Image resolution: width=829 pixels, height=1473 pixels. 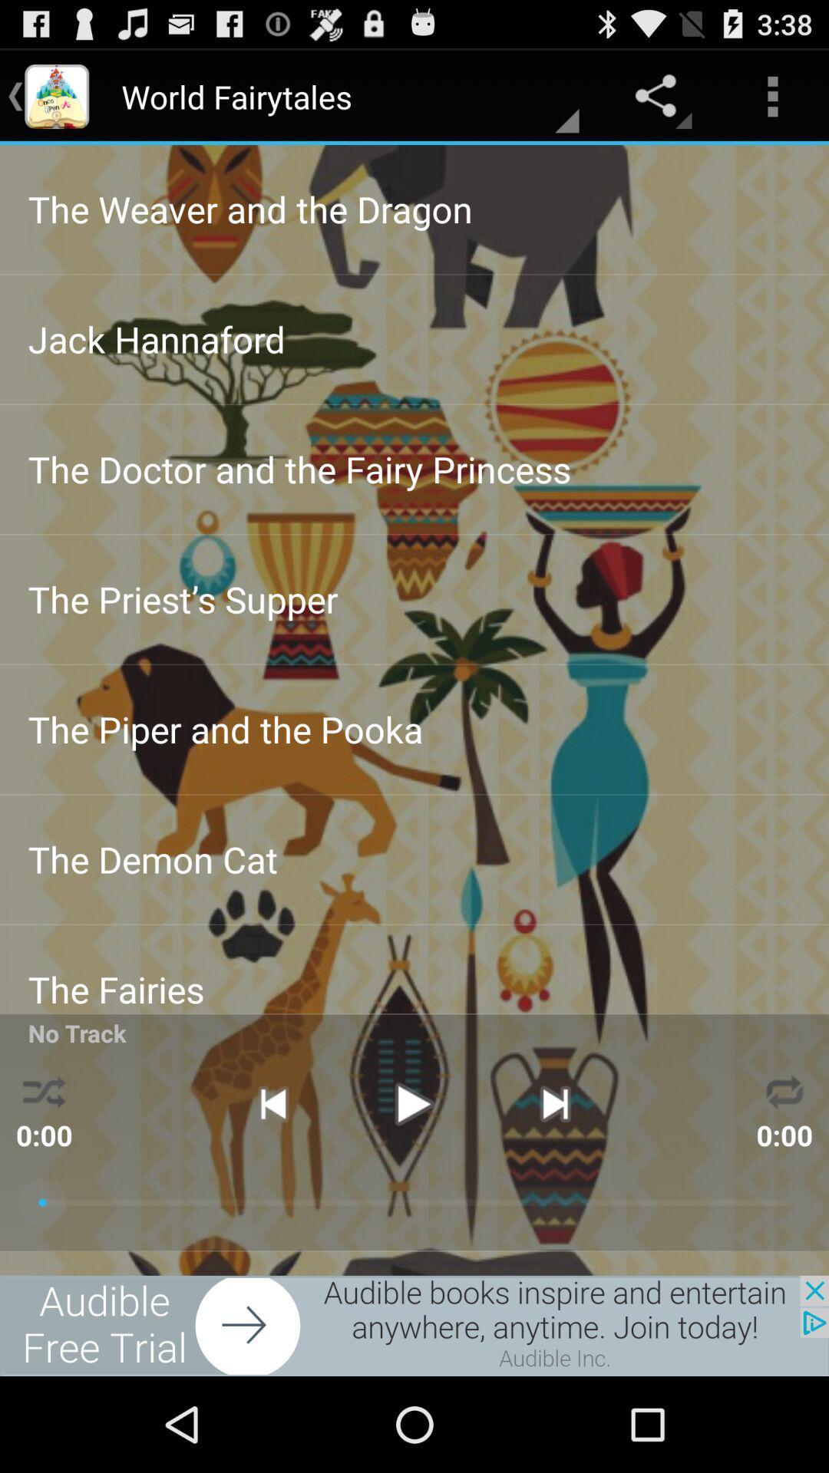 I want to click on the play icon, so click(x=413, y=1180).